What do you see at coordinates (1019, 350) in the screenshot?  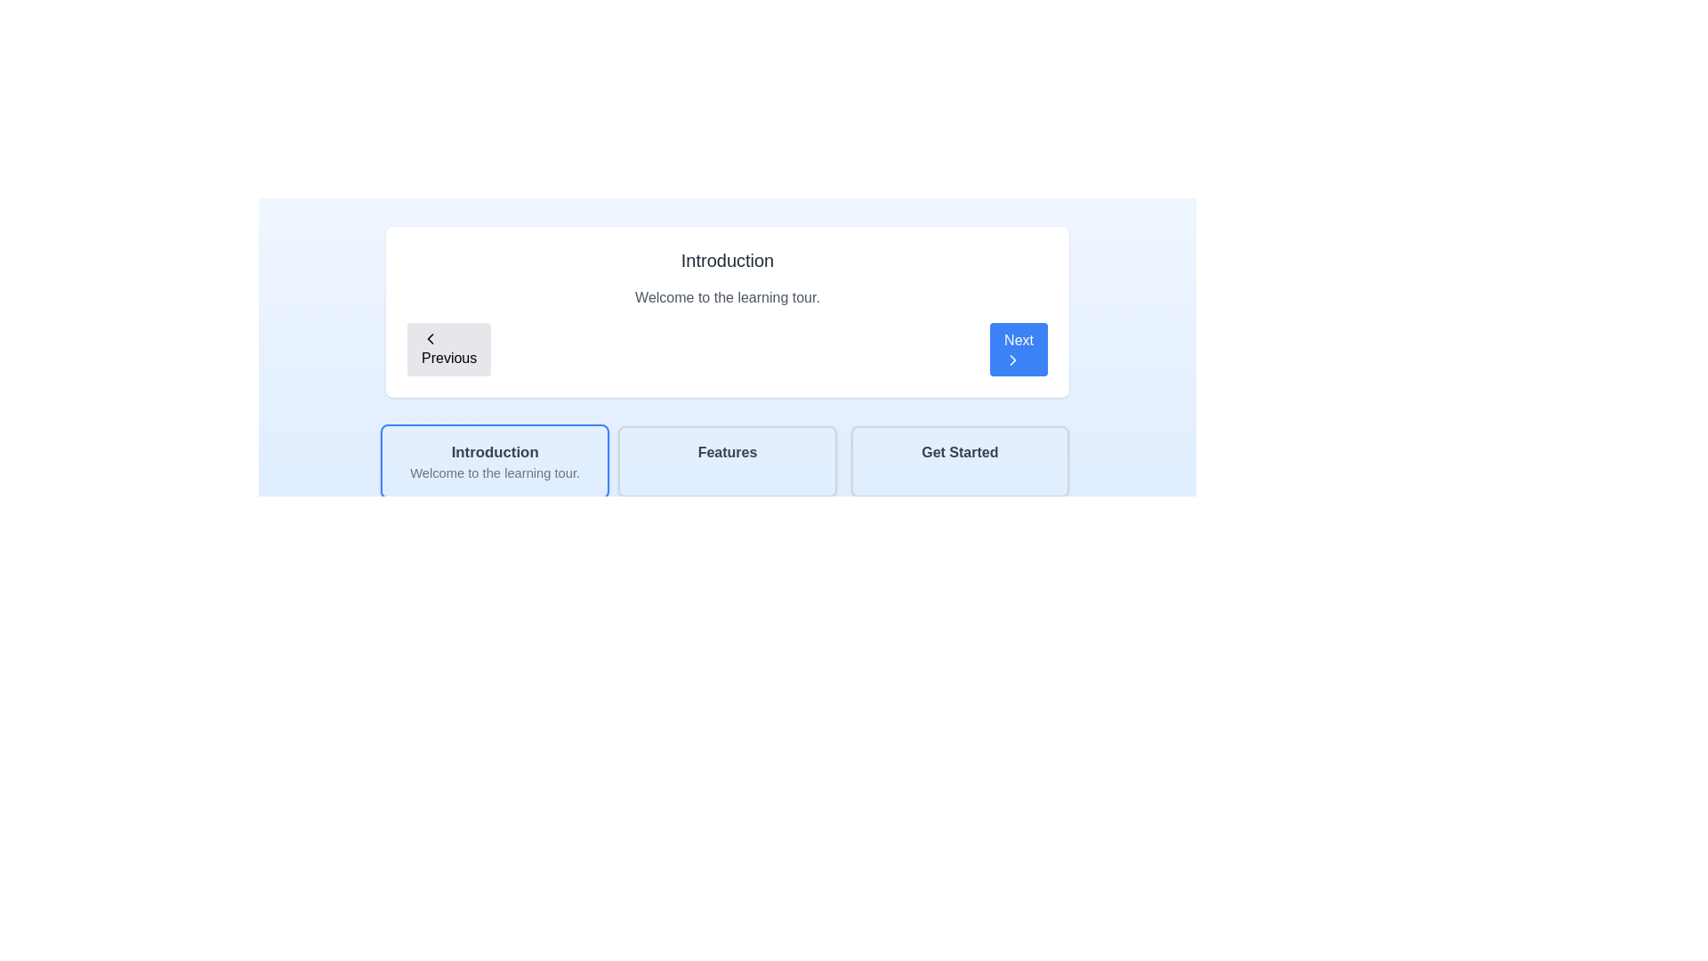 I see `the blue 'Next' button with rounded corners located at the bottom-right of the central card to proceed to the next step` at bounding box center [1019, 350].